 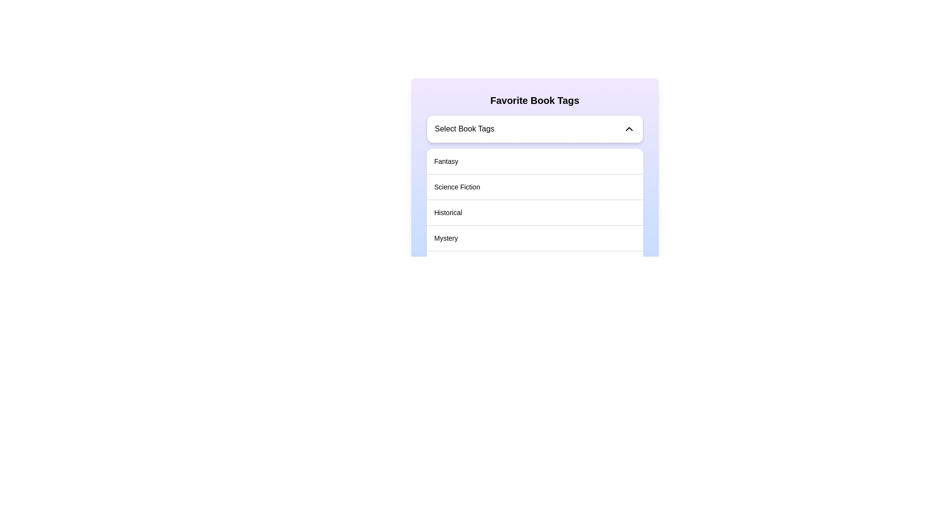 What do you see at coordinates (534, 185) in the screenshot?
I see `the second row of selectable options labeled 'Science Fiction' in the 'Favorite Book Tags' panel to interact with it` at bounding box center [534, 185].